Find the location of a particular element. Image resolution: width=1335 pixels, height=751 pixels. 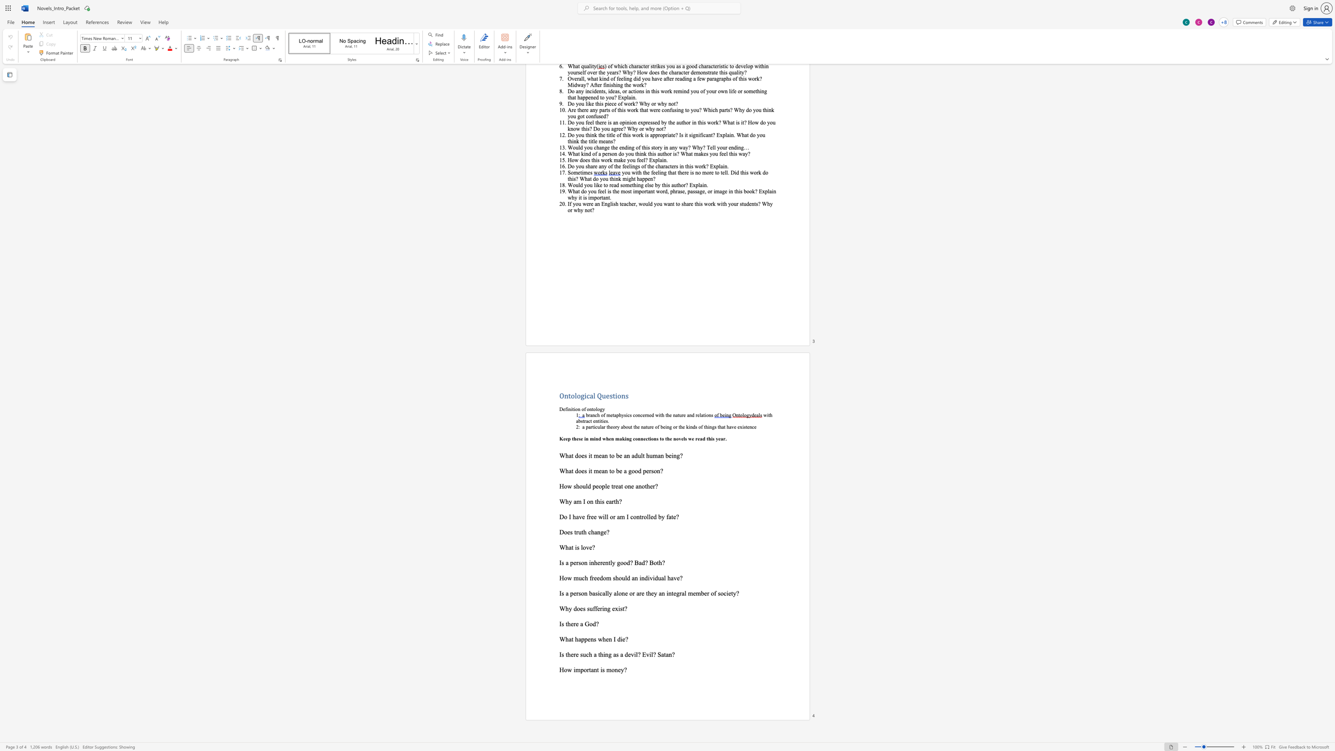

the space between the continuous character "e" and "a" in the text is located at coordinates (601, 455).